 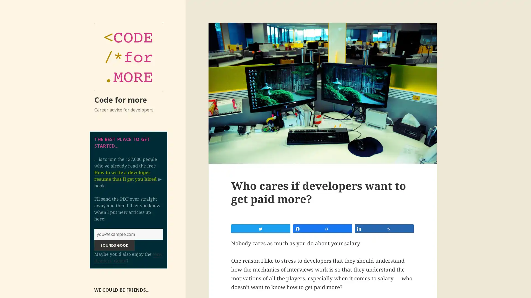 I want to click on Sounds good, so click(x=114, y=244).